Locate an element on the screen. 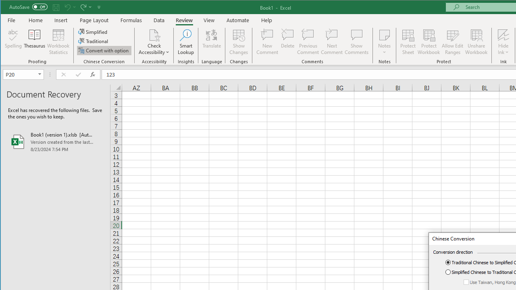  'Traditional' is located at coordinates (94, 41).